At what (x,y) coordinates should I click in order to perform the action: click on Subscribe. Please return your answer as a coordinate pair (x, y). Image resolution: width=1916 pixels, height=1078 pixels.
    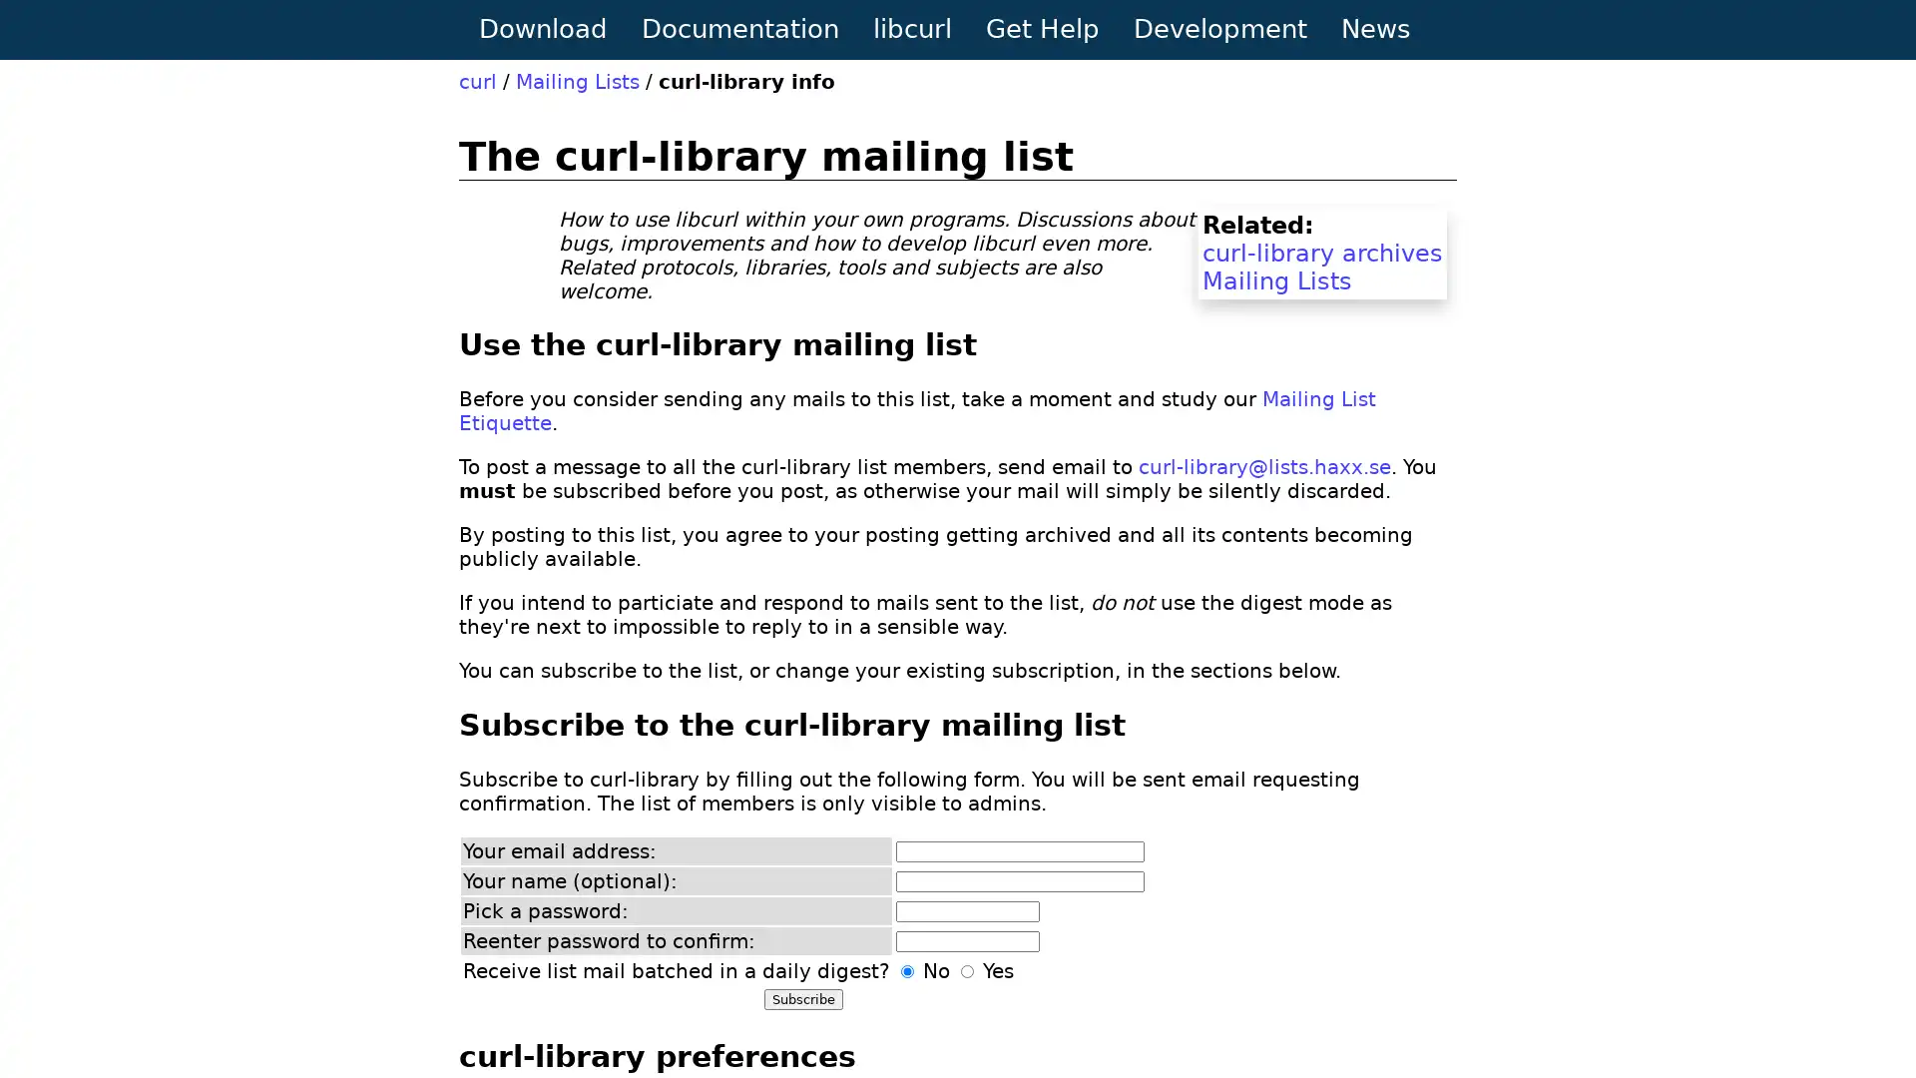
    Looking at the image, I should click on (803, 999).